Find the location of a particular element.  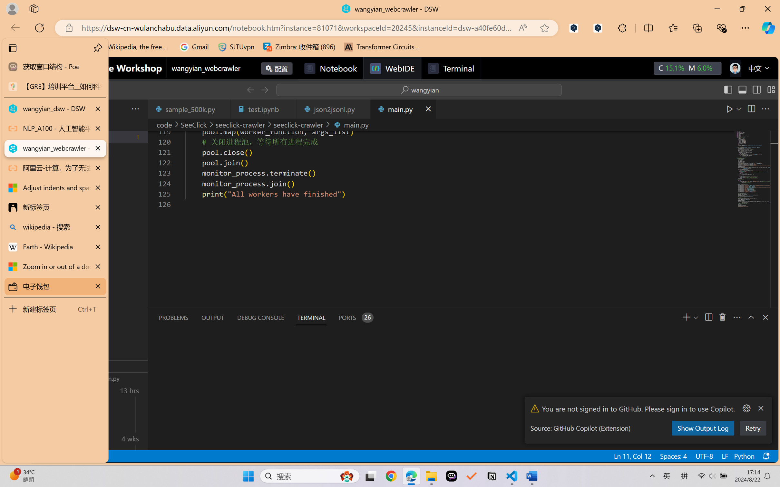

'Transformer Circuits Thread' is located at coordinates (382, 47).